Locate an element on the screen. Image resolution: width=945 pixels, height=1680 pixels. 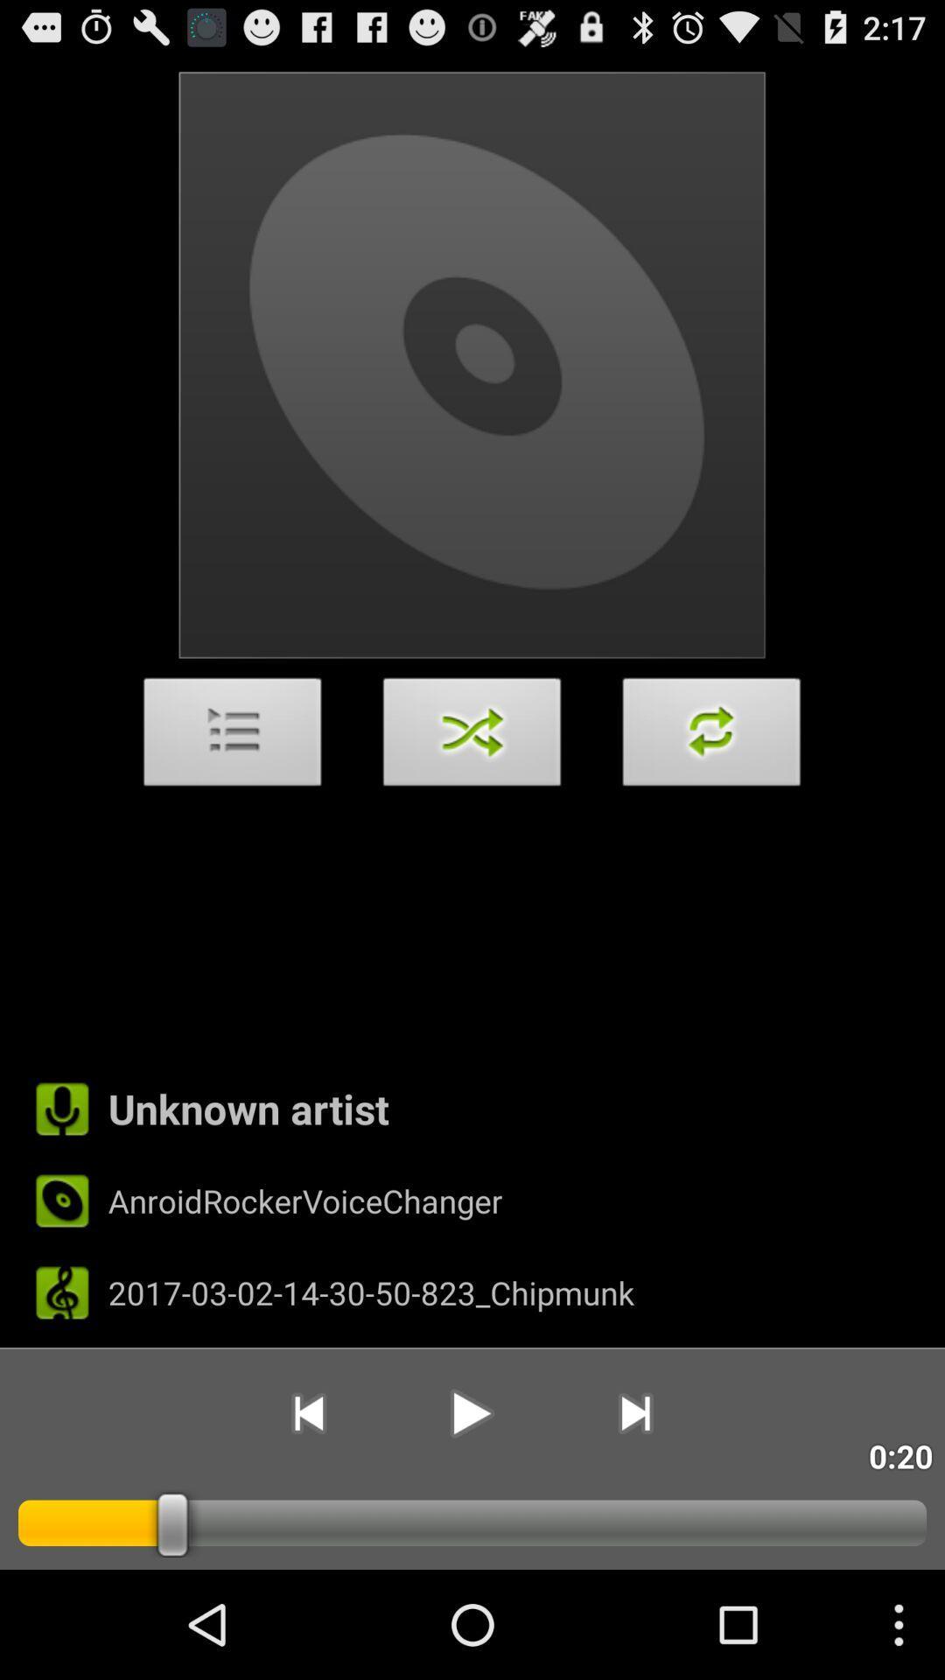
the close icon is located at coordinates (472, 787).